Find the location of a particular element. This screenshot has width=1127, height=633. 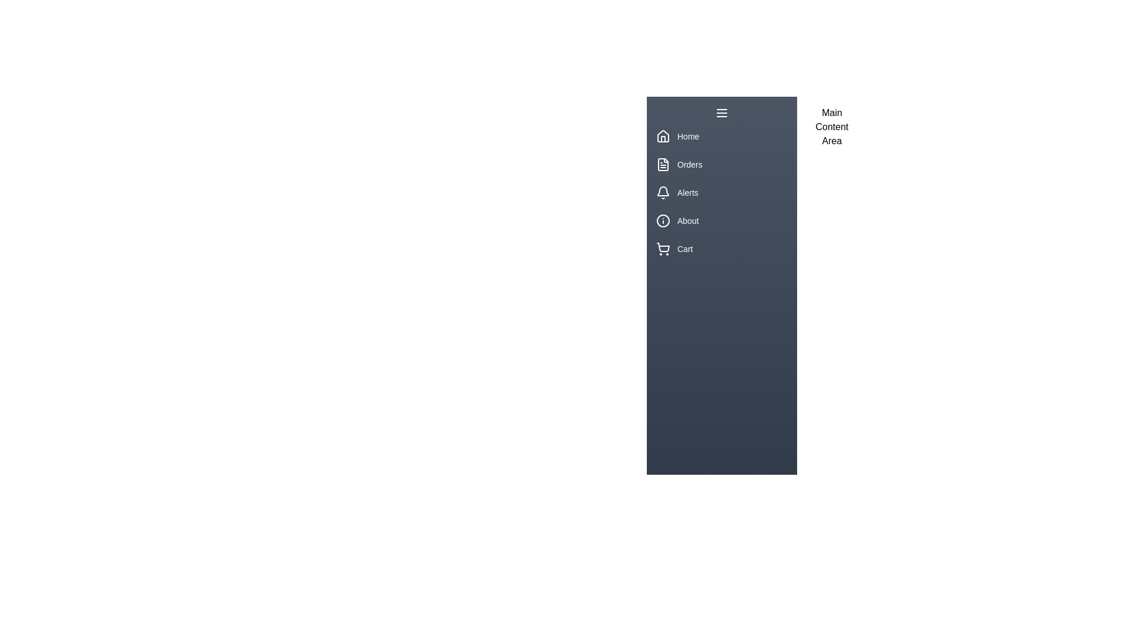

the menu item Home is located at coordinates (721, 135).